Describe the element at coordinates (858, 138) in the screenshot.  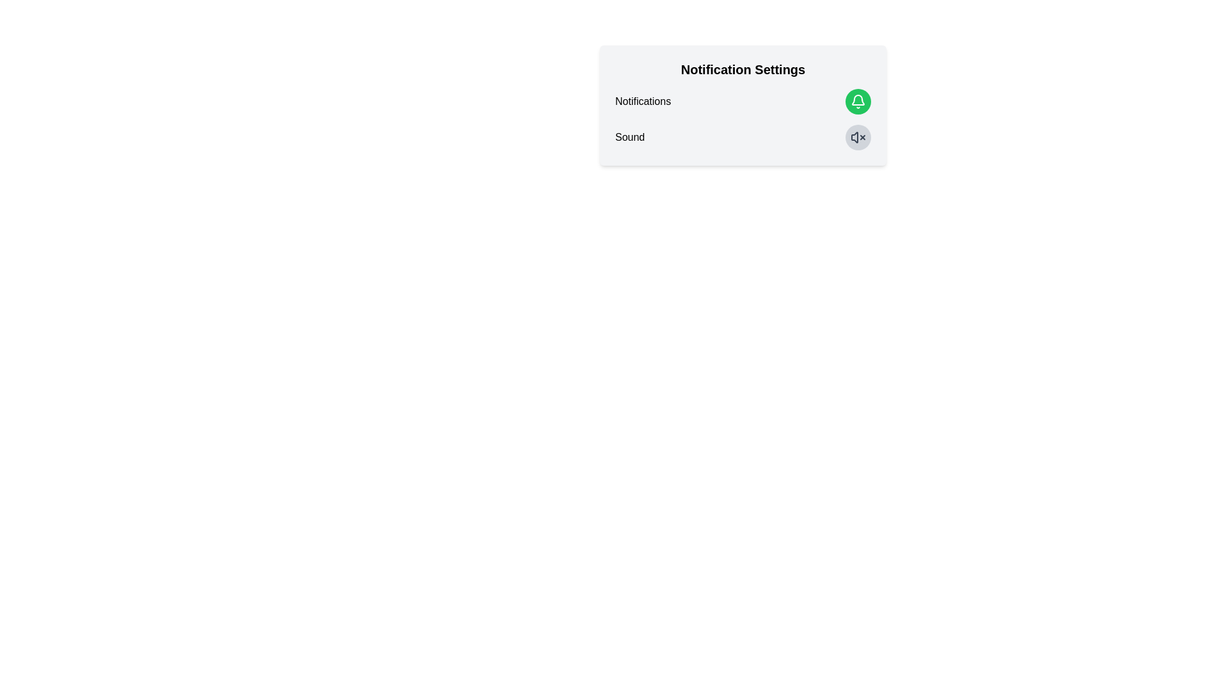
I see `the speaker icon to toggle the sound setting` at that location.